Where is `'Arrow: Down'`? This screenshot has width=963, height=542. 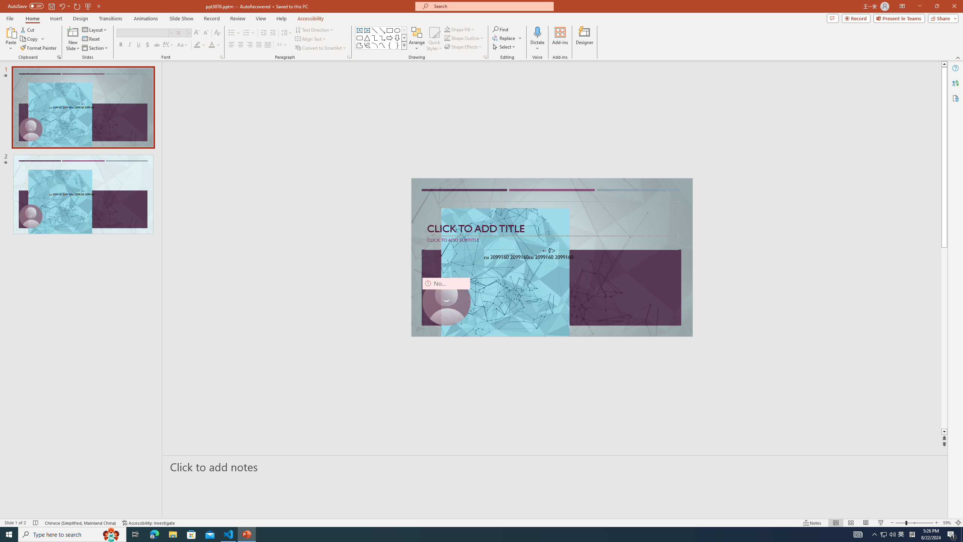
'Arrow: Down' is located at coordinates (397, 37).